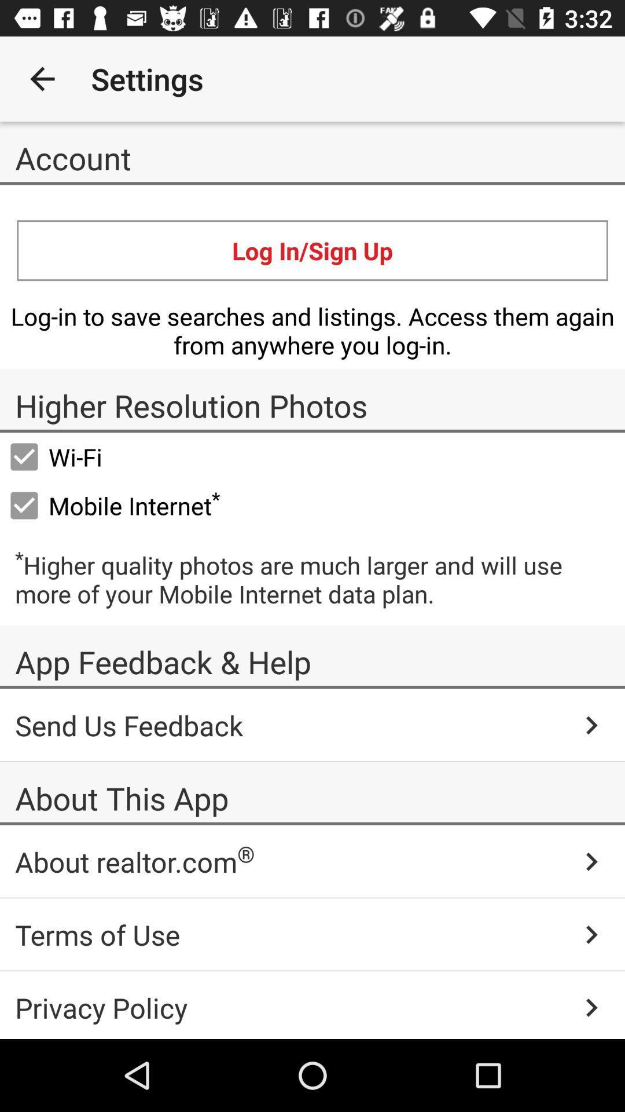 This screenshot has width=625, height=1112. I want to click on the icon above account, so click(42, 78).